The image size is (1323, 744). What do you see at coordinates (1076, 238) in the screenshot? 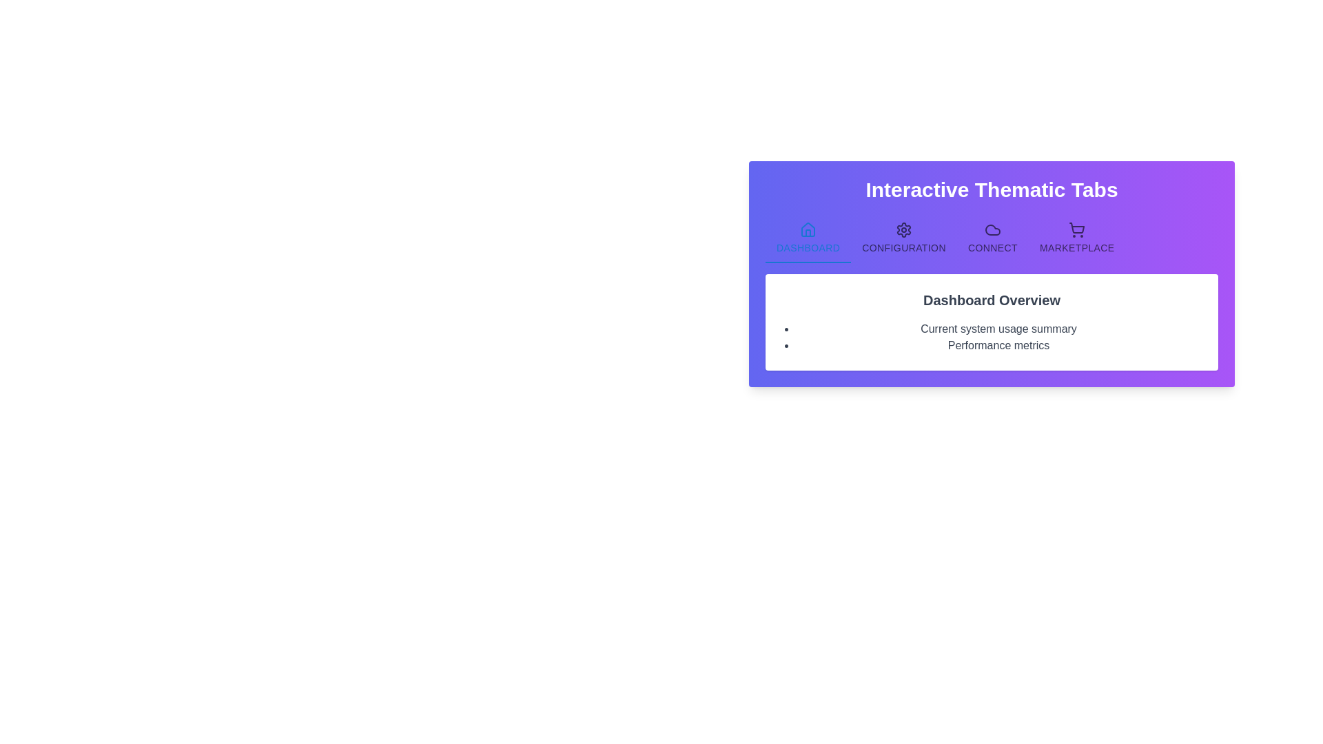
I see `the 'Marketplace' tab button, which is the fifth tab in the 'Interactive Thematic Tabs' navigation bar` at bounding box center [1076, 238].